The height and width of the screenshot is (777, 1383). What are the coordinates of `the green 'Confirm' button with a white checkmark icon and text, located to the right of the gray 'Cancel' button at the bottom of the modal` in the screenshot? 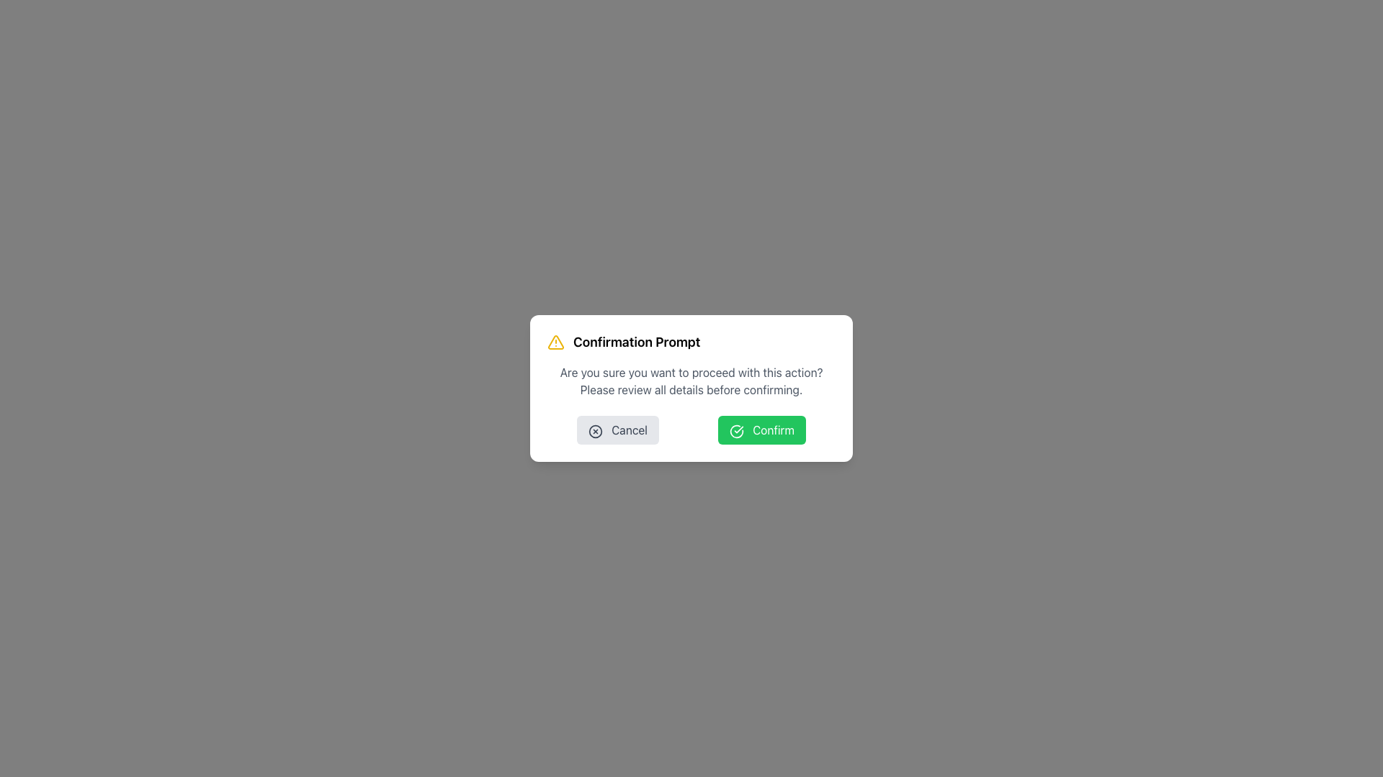 It's located at (761, 429).